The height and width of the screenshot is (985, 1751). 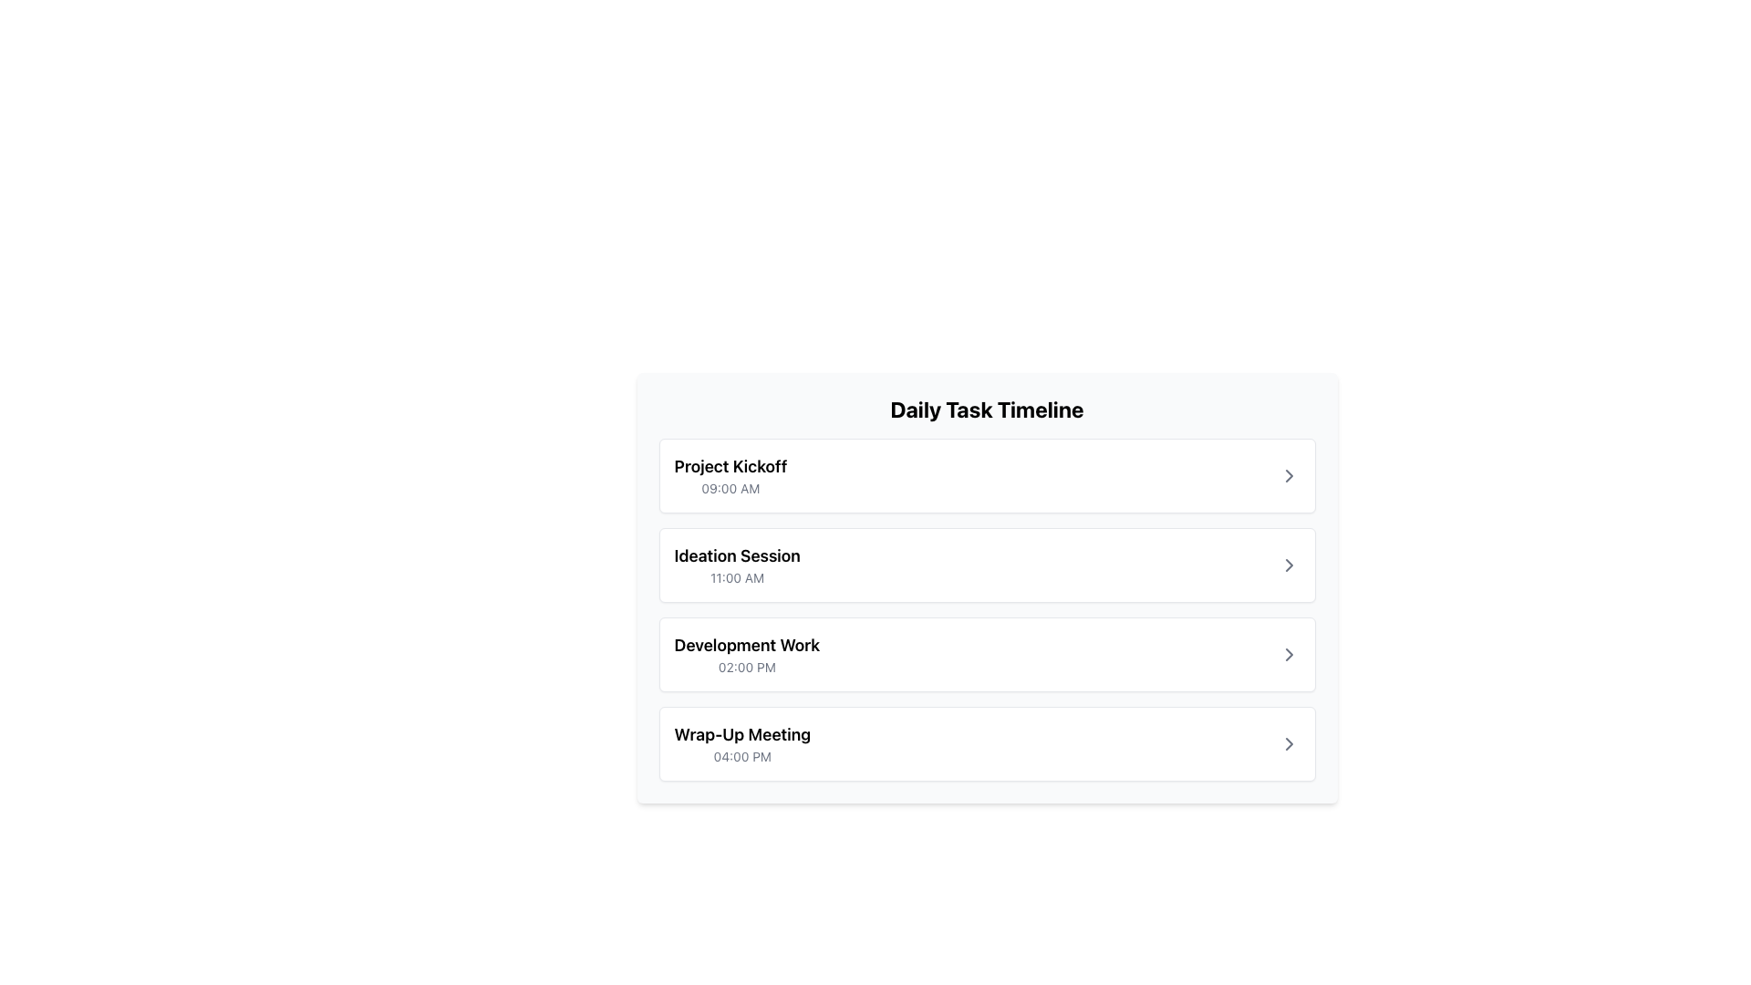 What do you see at coordinates (742, 744) in the screenshot?
I see `the Textual Display Element that shows 'Wrap-Up Meeting' and '04:00 PM', which is the fourth item in the Daily Task Timeline card` at bounding box center [742, 744].